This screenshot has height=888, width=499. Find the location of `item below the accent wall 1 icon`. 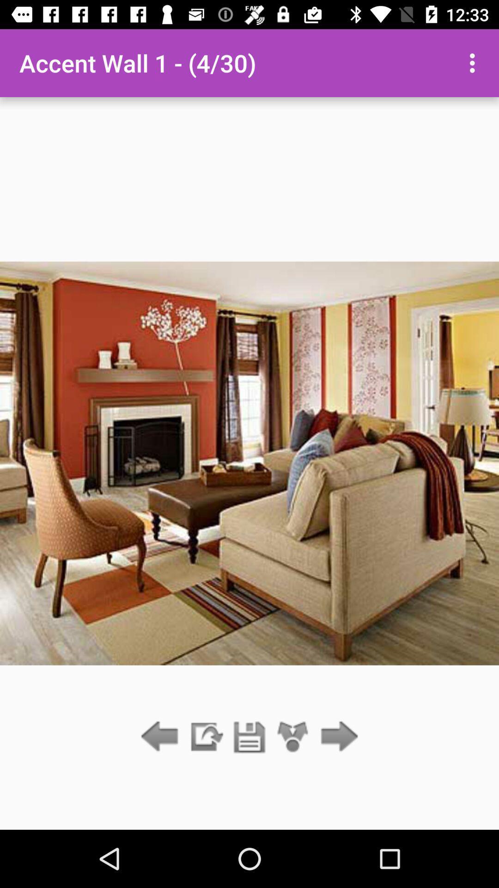

item below the accent wall 1 icon is located at coordinates (205, 737).